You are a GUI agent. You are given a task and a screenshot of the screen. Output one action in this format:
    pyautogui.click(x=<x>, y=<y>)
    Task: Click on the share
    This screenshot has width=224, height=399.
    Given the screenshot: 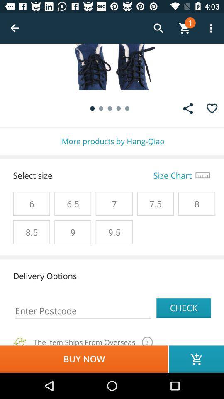 What is the action you would take?
    pyautogui.click(x=188, y=108)
    